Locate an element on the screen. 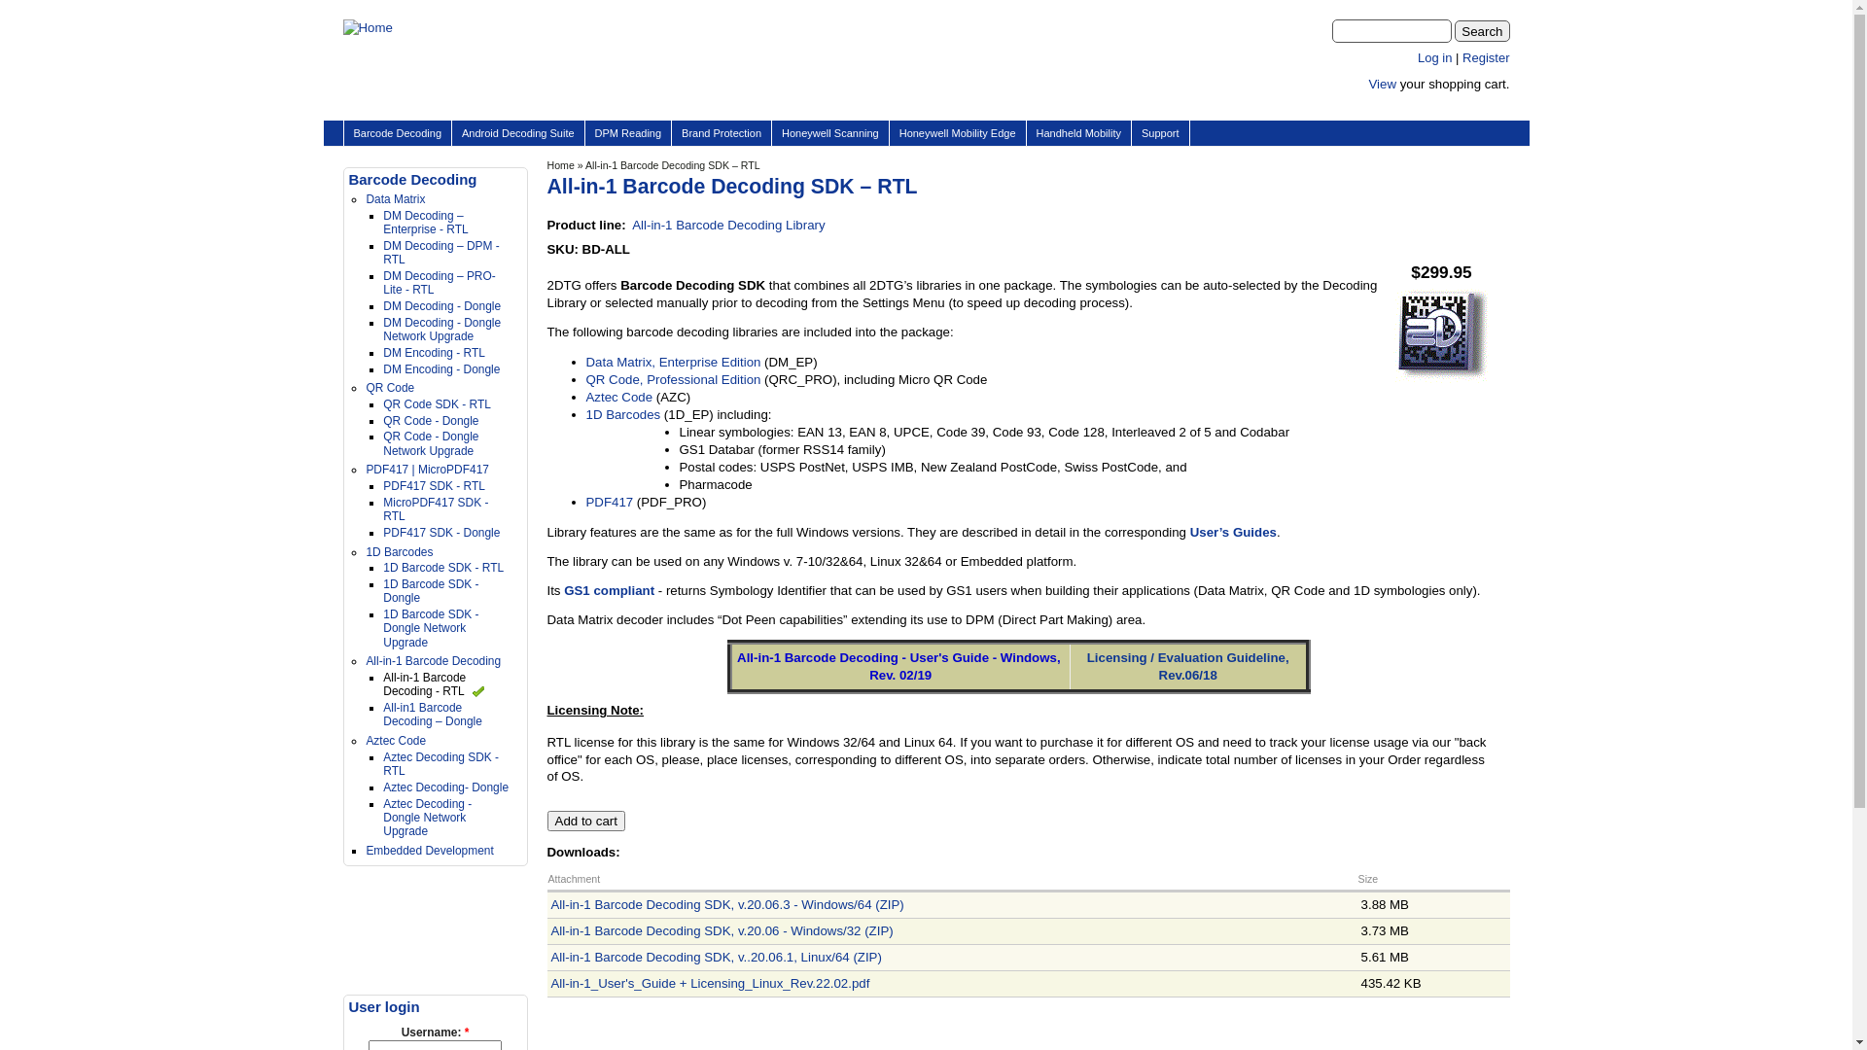  'All-in-1_User's_Guide + Licensing_Linux_Rev.22.02.pdf' is located at coordinates (708, 983).